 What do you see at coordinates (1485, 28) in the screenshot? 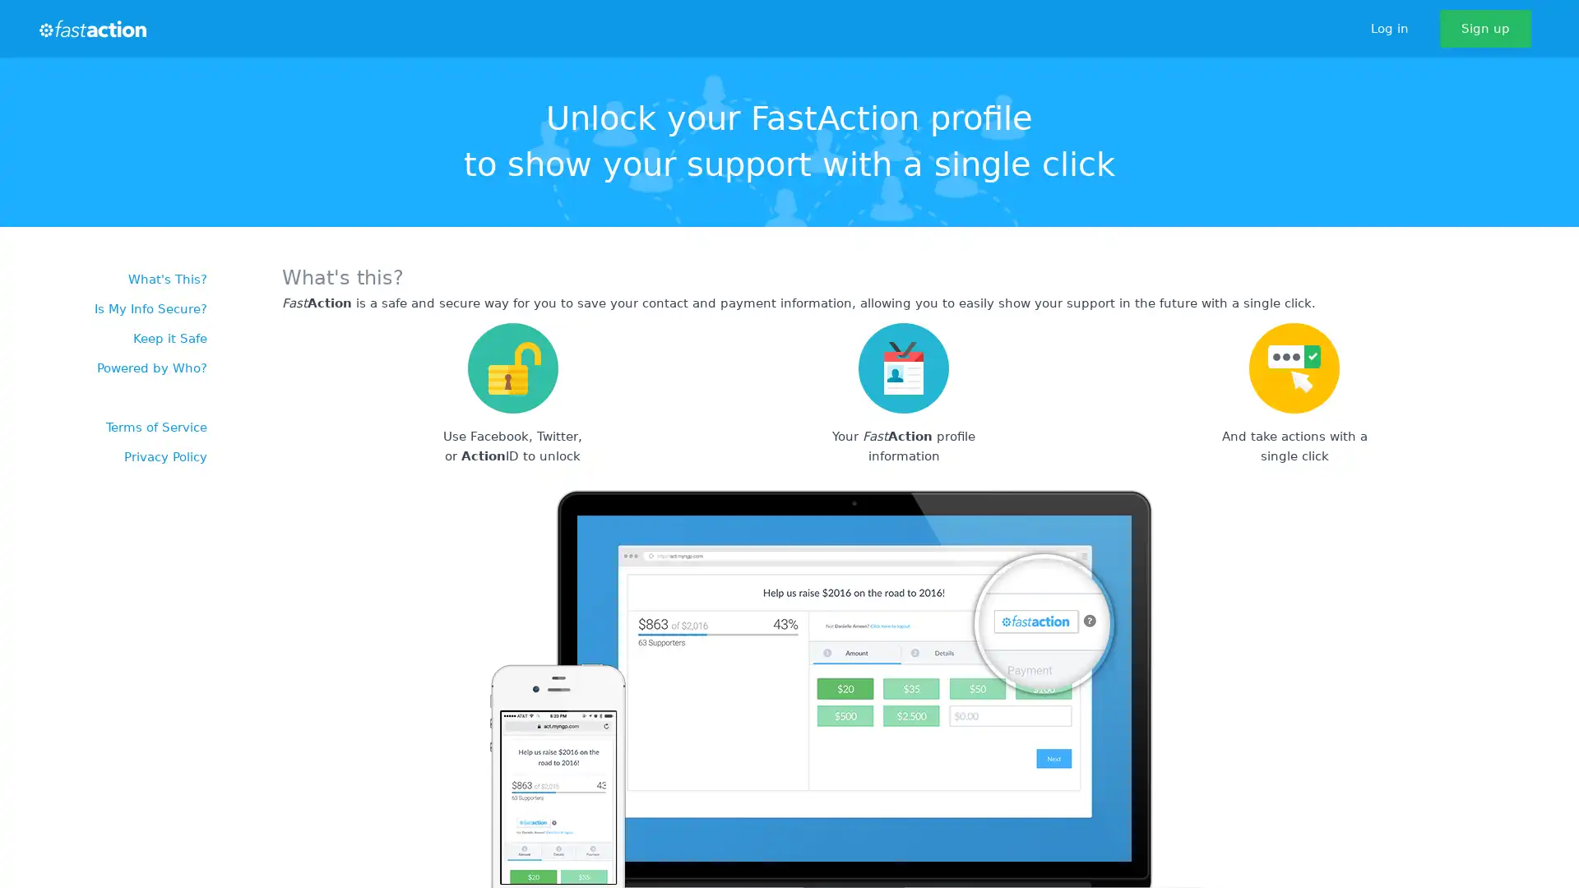
I see `Sign up` at bounding box center [1485, 28].